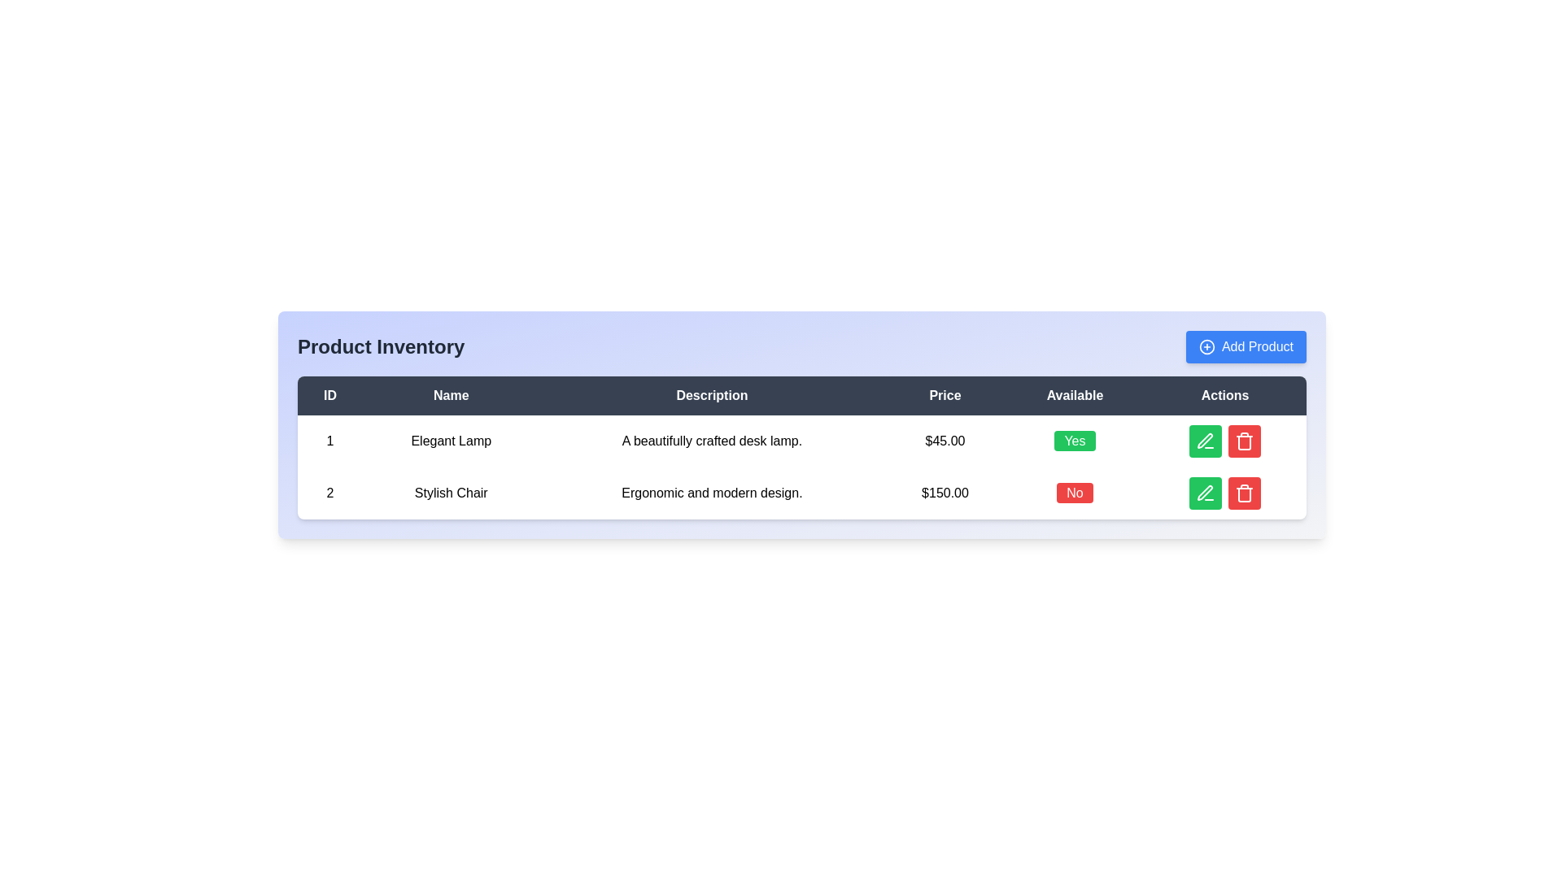  Describe the element at coordinates (1244, 492) in the screenshot. I see `the small rounded red button with a white trash bin icon in the 'Actions' column for the product 'Stylish Chair'` at that location.